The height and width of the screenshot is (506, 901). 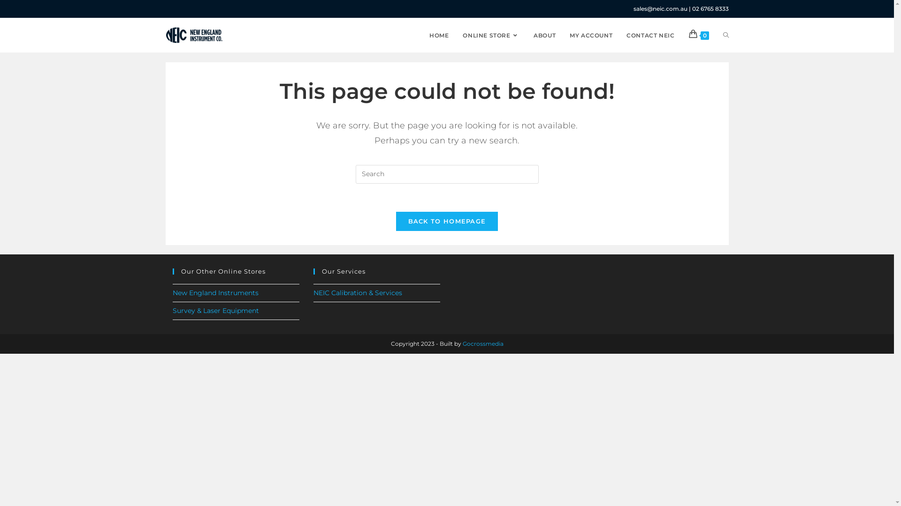 What do you see at coordinates (490, 35) in the screenshot?
I see `'ONLINE STORE'` at bounding box center [490, 35].